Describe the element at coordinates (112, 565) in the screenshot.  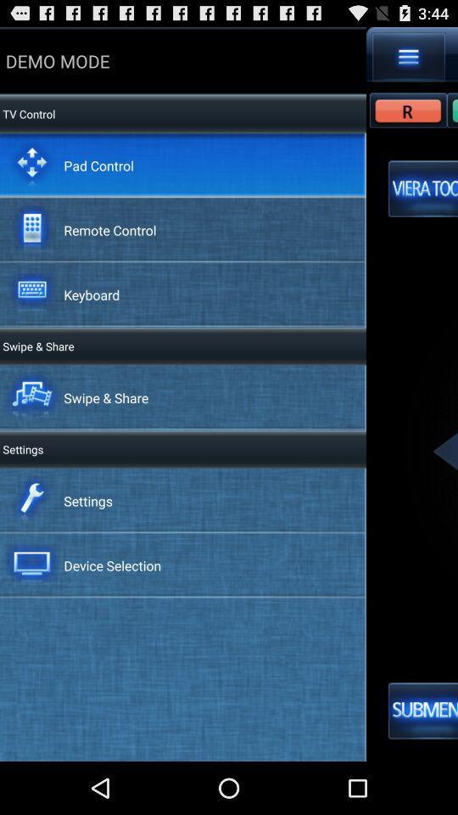
I see `device selection app` at that location.